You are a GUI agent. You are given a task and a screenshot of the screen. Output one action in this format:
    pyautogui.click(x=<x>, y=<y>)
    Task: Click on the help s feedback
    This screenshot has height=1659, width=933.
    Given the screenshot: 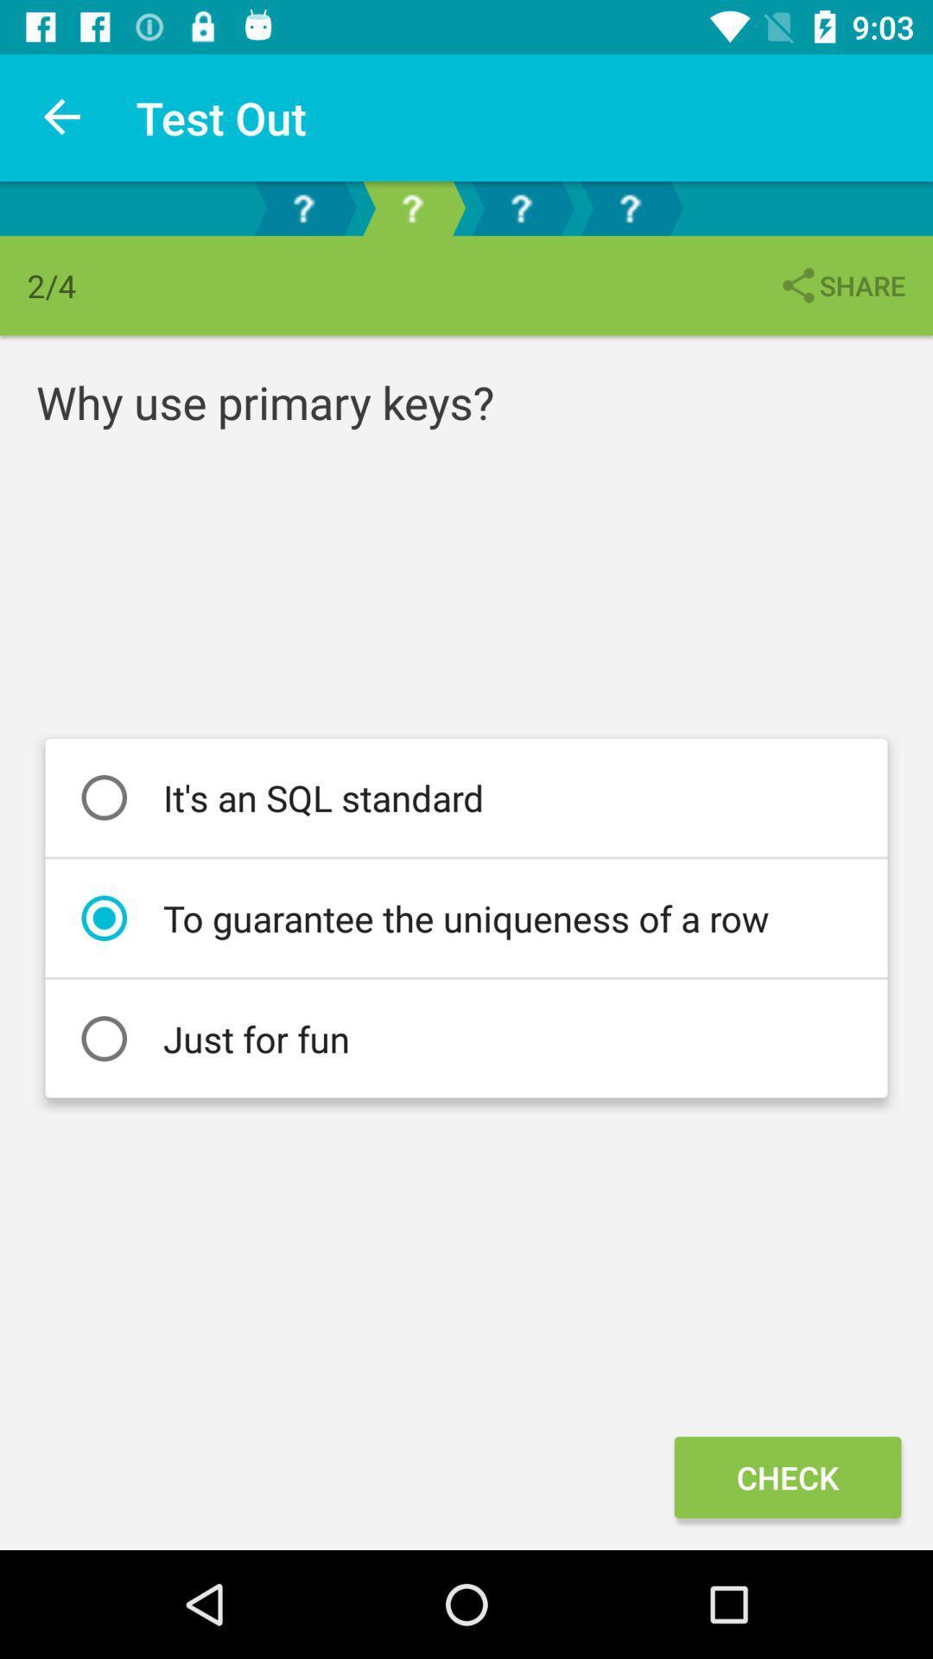 What is the action you would take?
    pyautogui.click(x=302, y=207)
    